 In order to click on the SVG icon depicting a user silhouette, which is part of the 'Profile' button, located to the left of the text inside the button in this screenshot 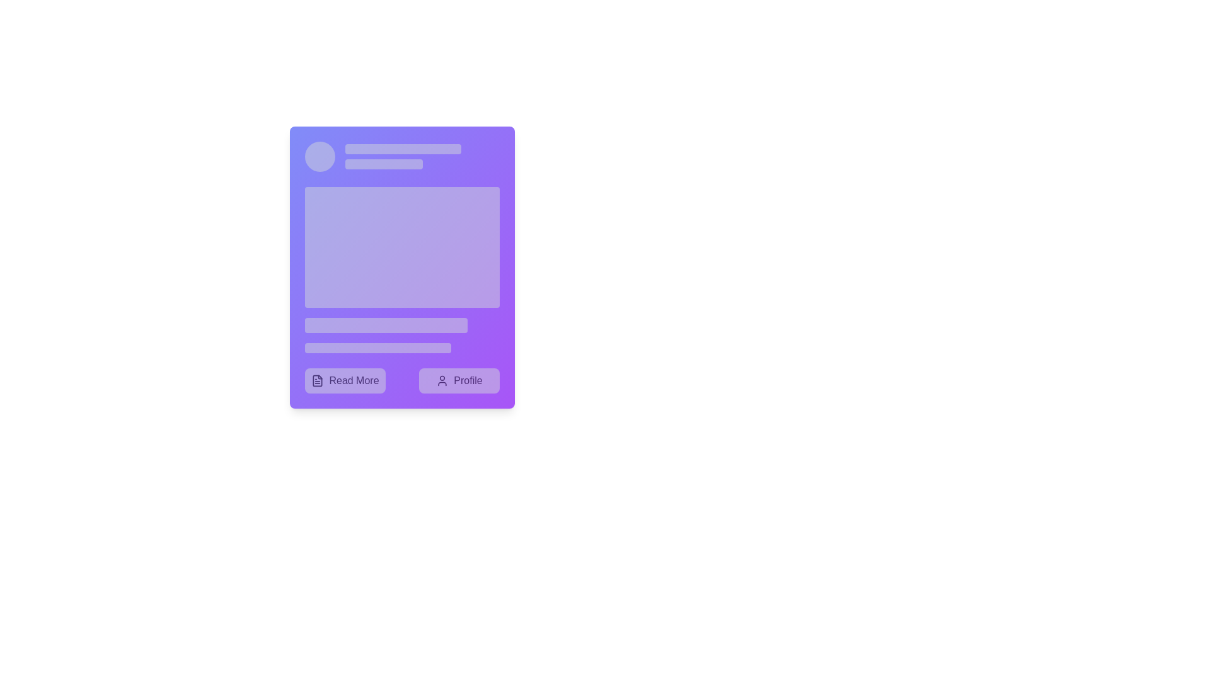, I will do `click(442, 380)`.